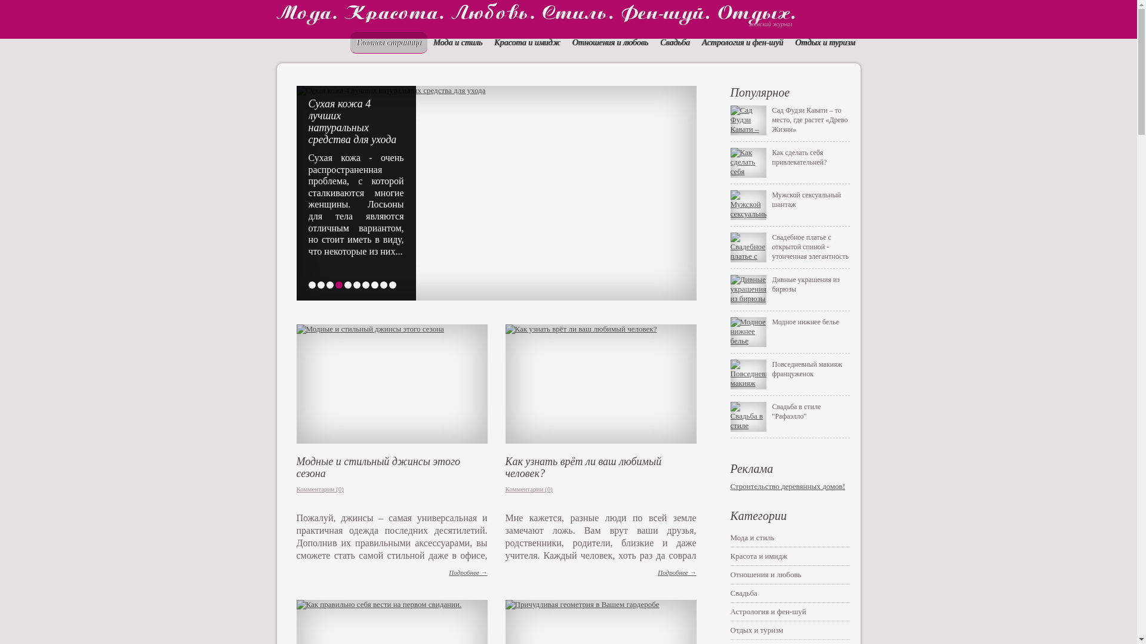 This screenshot has height=644, width=1146. Describe the element at coordinates (321, 285) in the screenshot. I see `'2'` at that location.